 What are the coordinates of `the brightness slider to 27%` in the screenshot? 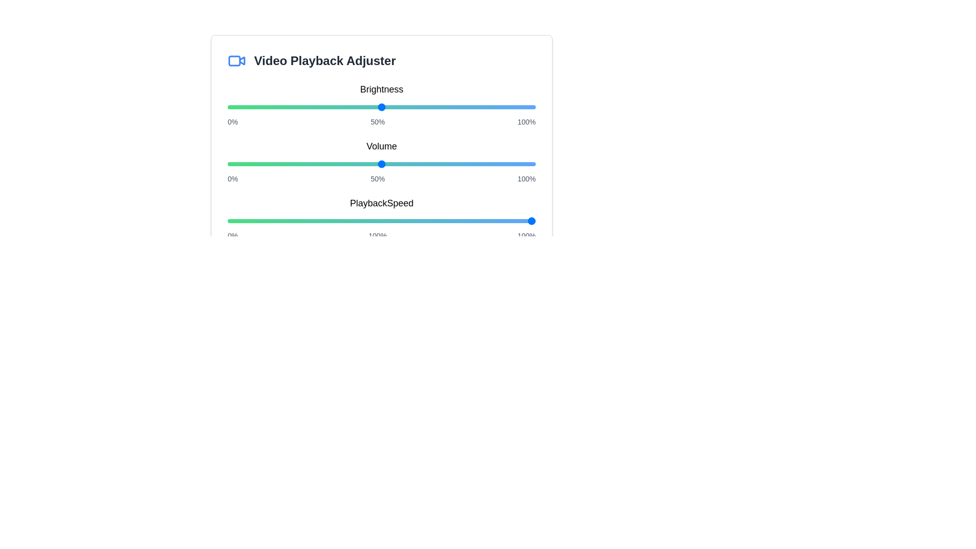 It's located at (310, 107).